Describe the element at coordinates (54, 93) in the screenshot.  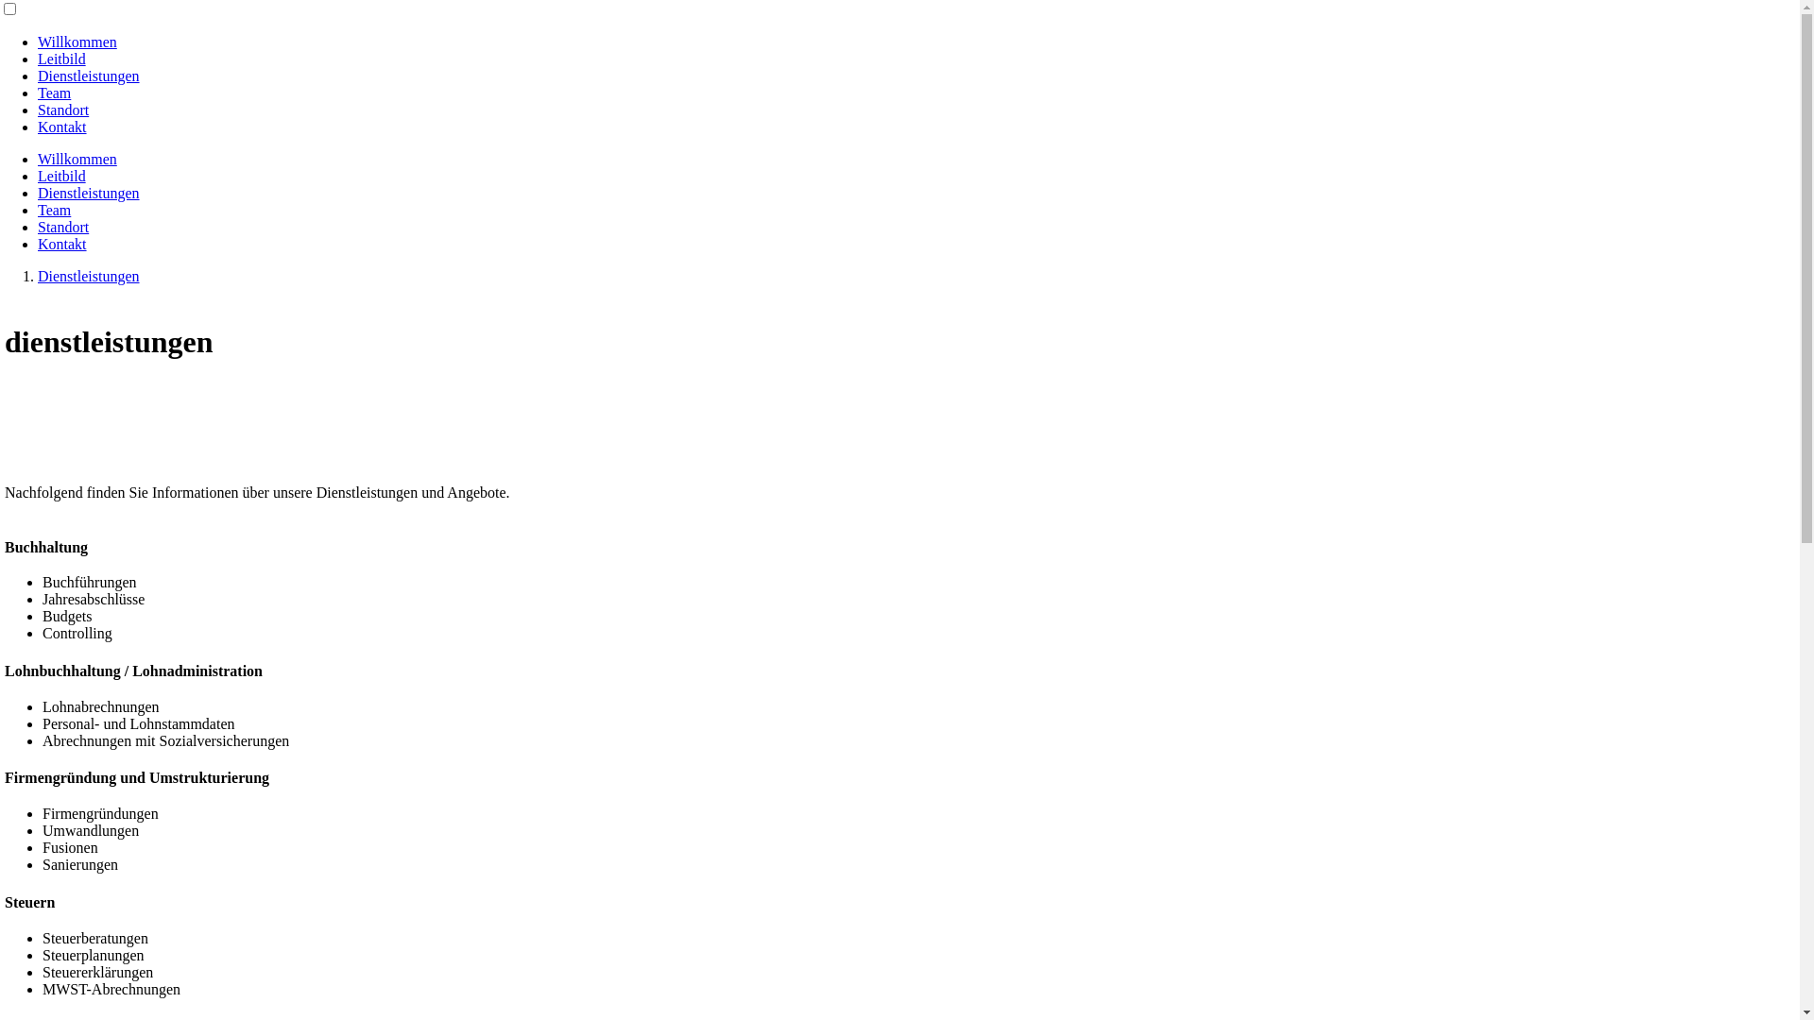
I see `'Team'` at that location.